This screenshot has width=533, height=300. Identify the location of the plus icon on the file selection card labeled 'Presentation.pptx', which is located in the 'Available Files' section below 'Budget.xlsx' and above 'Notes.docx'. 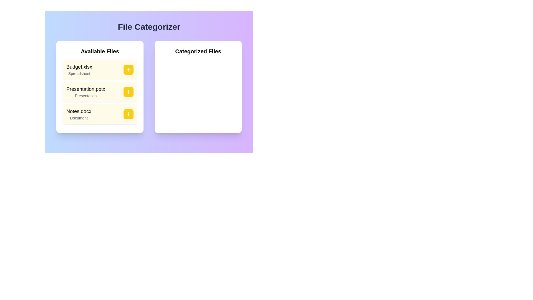
(100, 92).